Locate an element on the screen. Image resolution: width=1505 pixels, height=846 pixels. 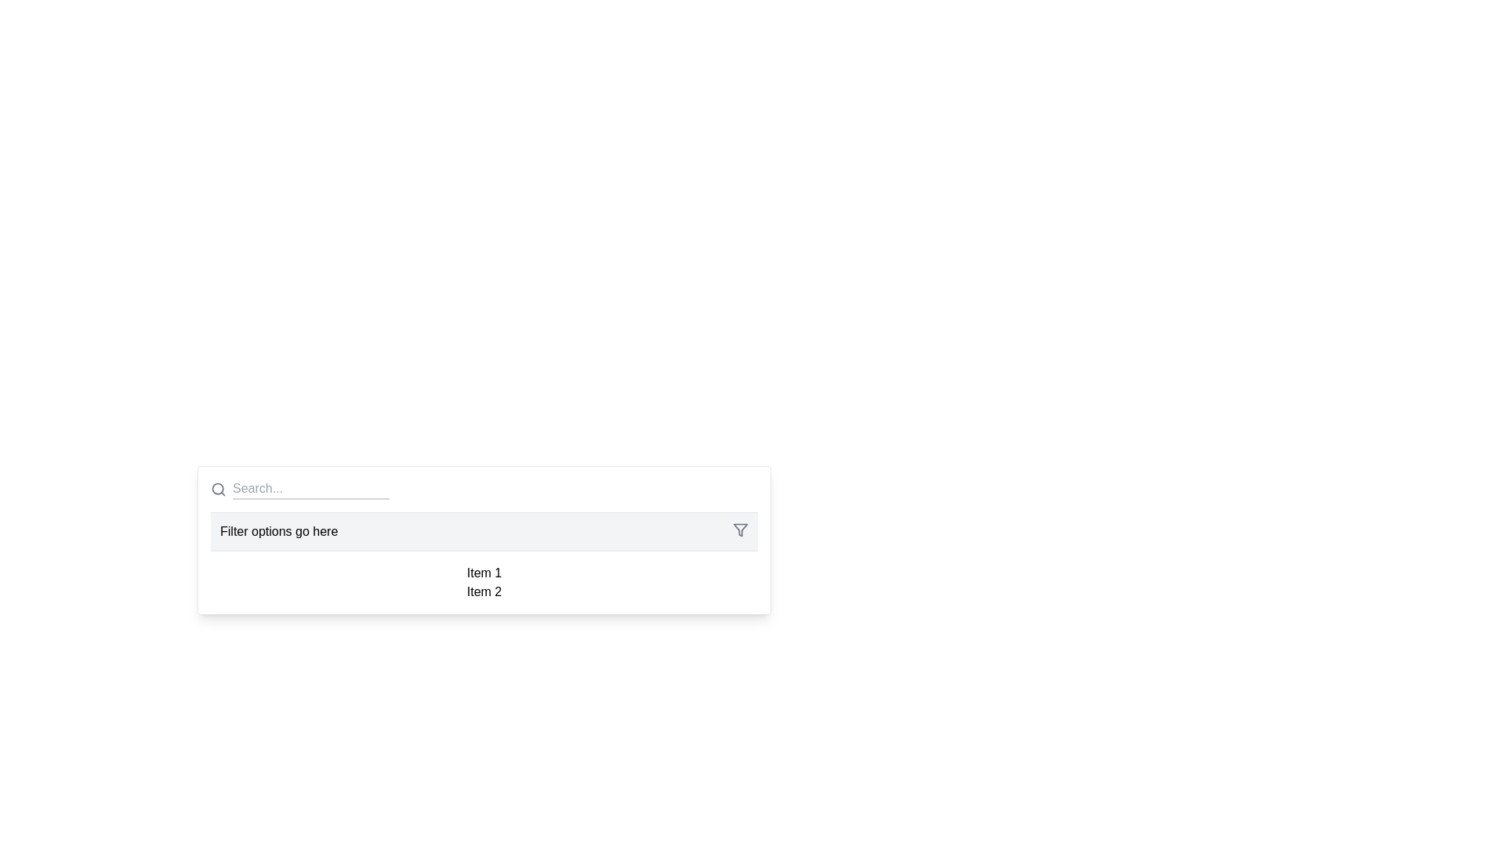
the text label 'Item 2' is located at coordinates (484, 592).